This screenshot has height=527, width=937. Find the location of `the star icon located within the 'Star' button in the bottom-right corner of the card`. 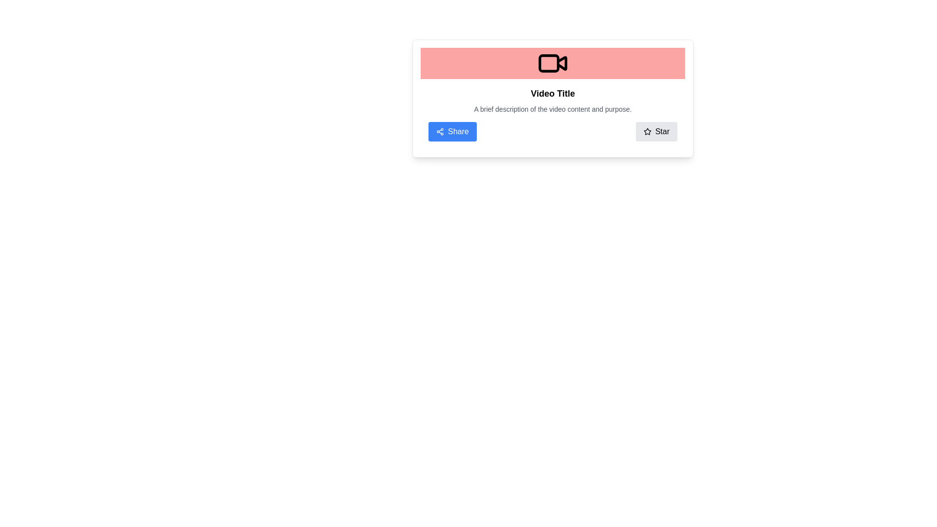

the star icon located within the 'Star' button in the bottom-right corner of the card is located at coordinates (647, 131).